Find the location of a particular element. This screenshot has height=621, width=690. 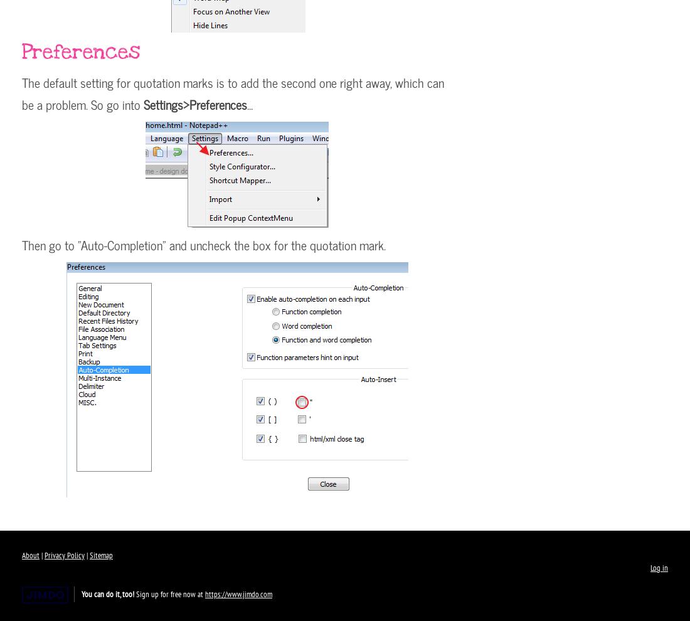

'...' is located at coordinates (247, 104).